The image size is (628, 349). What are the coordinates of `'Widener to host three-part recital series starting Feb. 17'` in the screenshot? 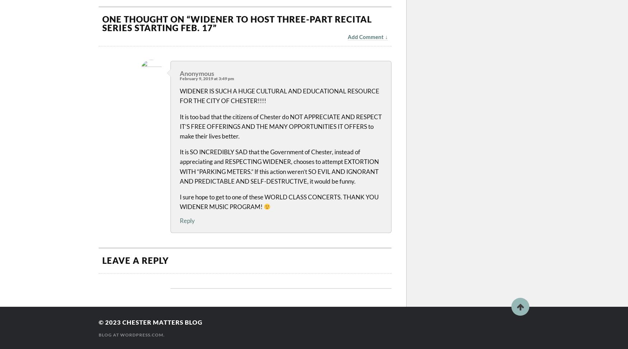 It's located at (236, 23).